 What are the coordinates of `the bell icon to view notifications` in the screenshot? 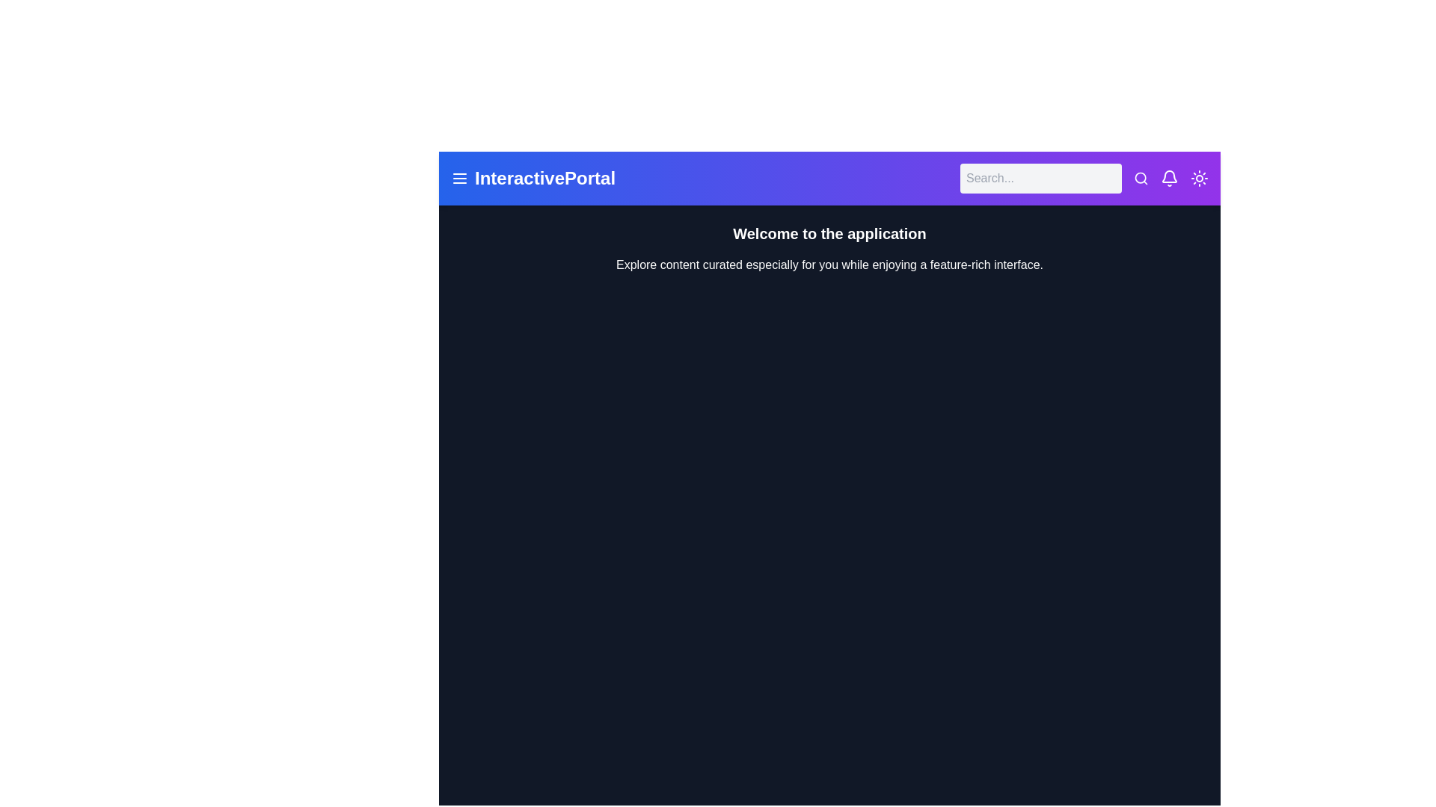 It's located at (1169, 178).